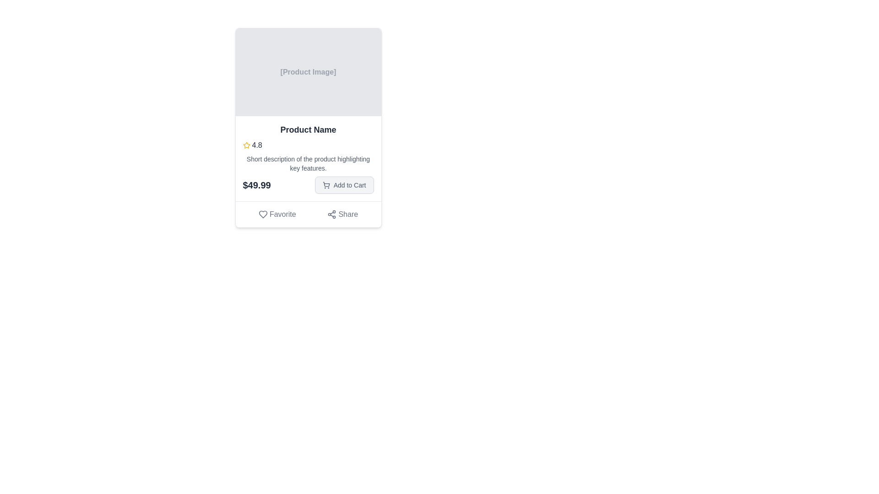 Image resolution: width=879 pixels, height=494 pixels. What do you see at coordinates (277, 215) in the screenshot?
I see `the 'Favorite' button, which features a heart icon and is located below the product description as the first element in the options section` at bounding box center [277, 215].